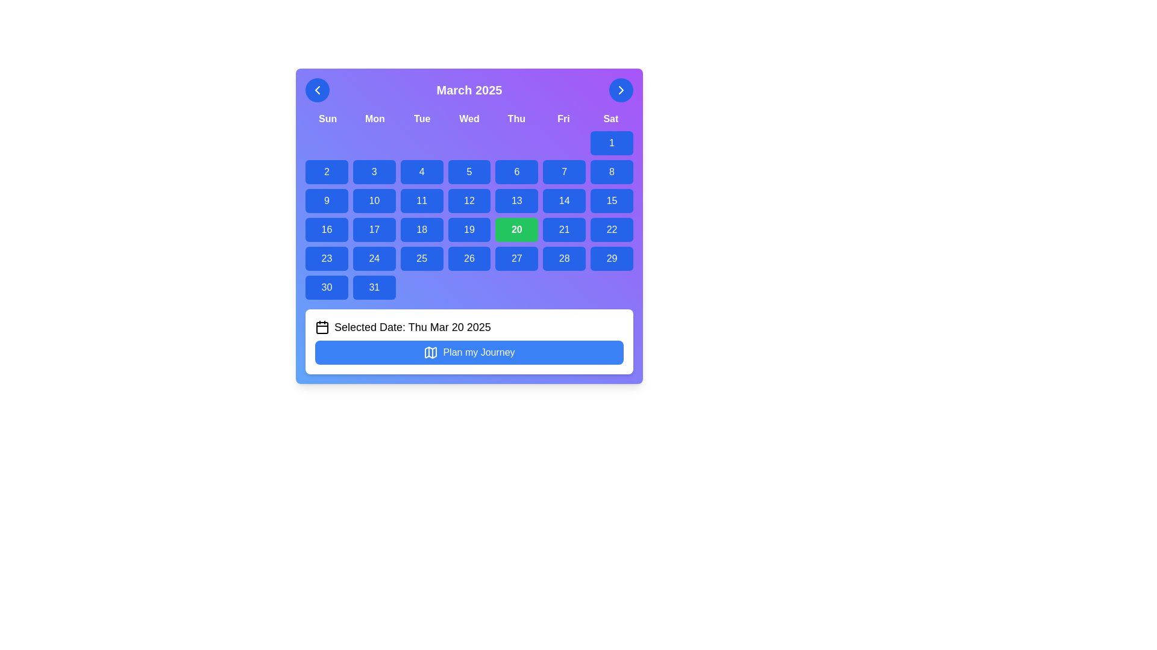  I want to click on the button labeled '2' with rounded corners and a blue background, so click(327, 172).